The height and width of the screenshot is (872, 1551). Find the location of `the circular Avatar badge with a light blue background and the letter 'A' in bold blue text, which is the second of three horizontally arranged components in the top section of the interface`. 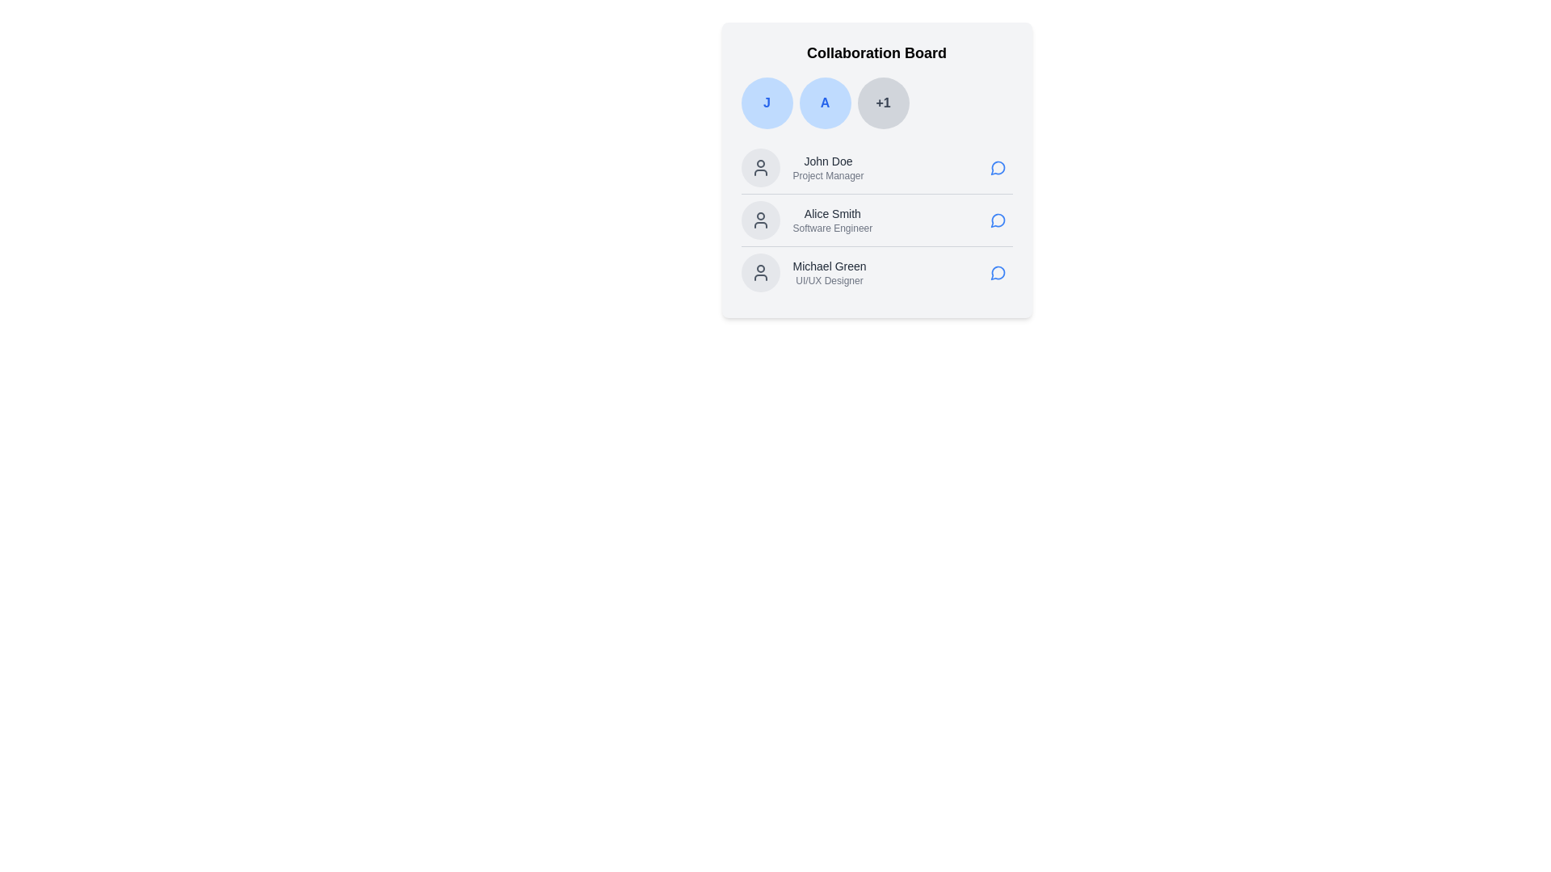

the circular Avatar badge with a light blue background and the letter 'A' in bold blue text, which is the second of three horizontally arranged components in the top section of the interface is located at coordinates (825, 103).